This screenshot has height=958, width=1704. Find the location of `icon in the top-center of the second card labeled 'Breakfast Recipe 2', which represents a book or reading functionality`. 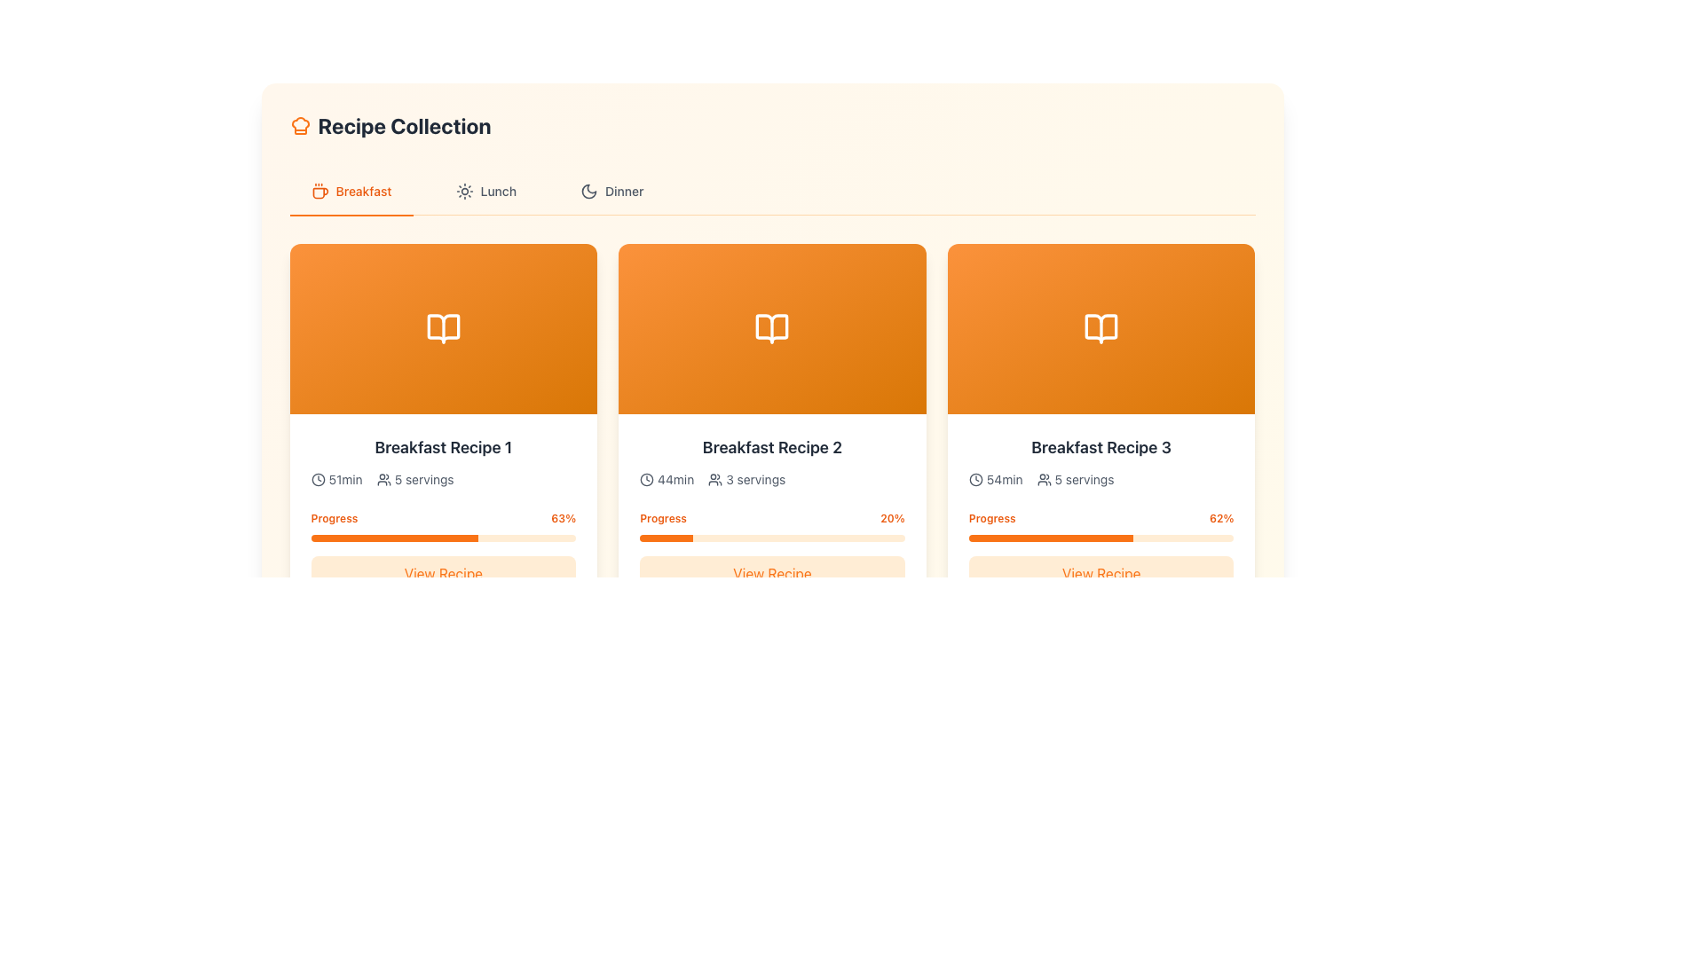

icon in the top-center of the second card labeled 'Breakfast Recipe 2', which represents a book or reading functionality is located at coordinates (772, 328).